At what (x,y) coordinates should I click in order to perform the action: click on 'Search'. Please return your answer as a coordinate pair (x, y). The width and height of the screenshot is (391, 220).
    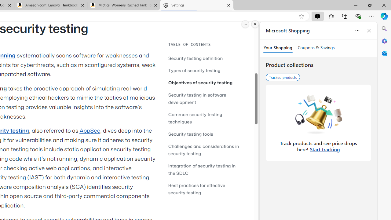
    Looking at the image, I should click on (384, 29).